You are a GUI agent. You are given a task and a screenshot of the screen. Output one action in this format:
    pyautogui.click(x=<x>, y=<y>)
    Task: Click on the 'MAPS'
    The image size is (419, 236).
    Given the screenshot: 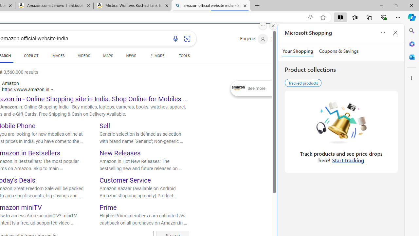 What is the action you would take?
    pyautogui.click(x=108, y=56)
    